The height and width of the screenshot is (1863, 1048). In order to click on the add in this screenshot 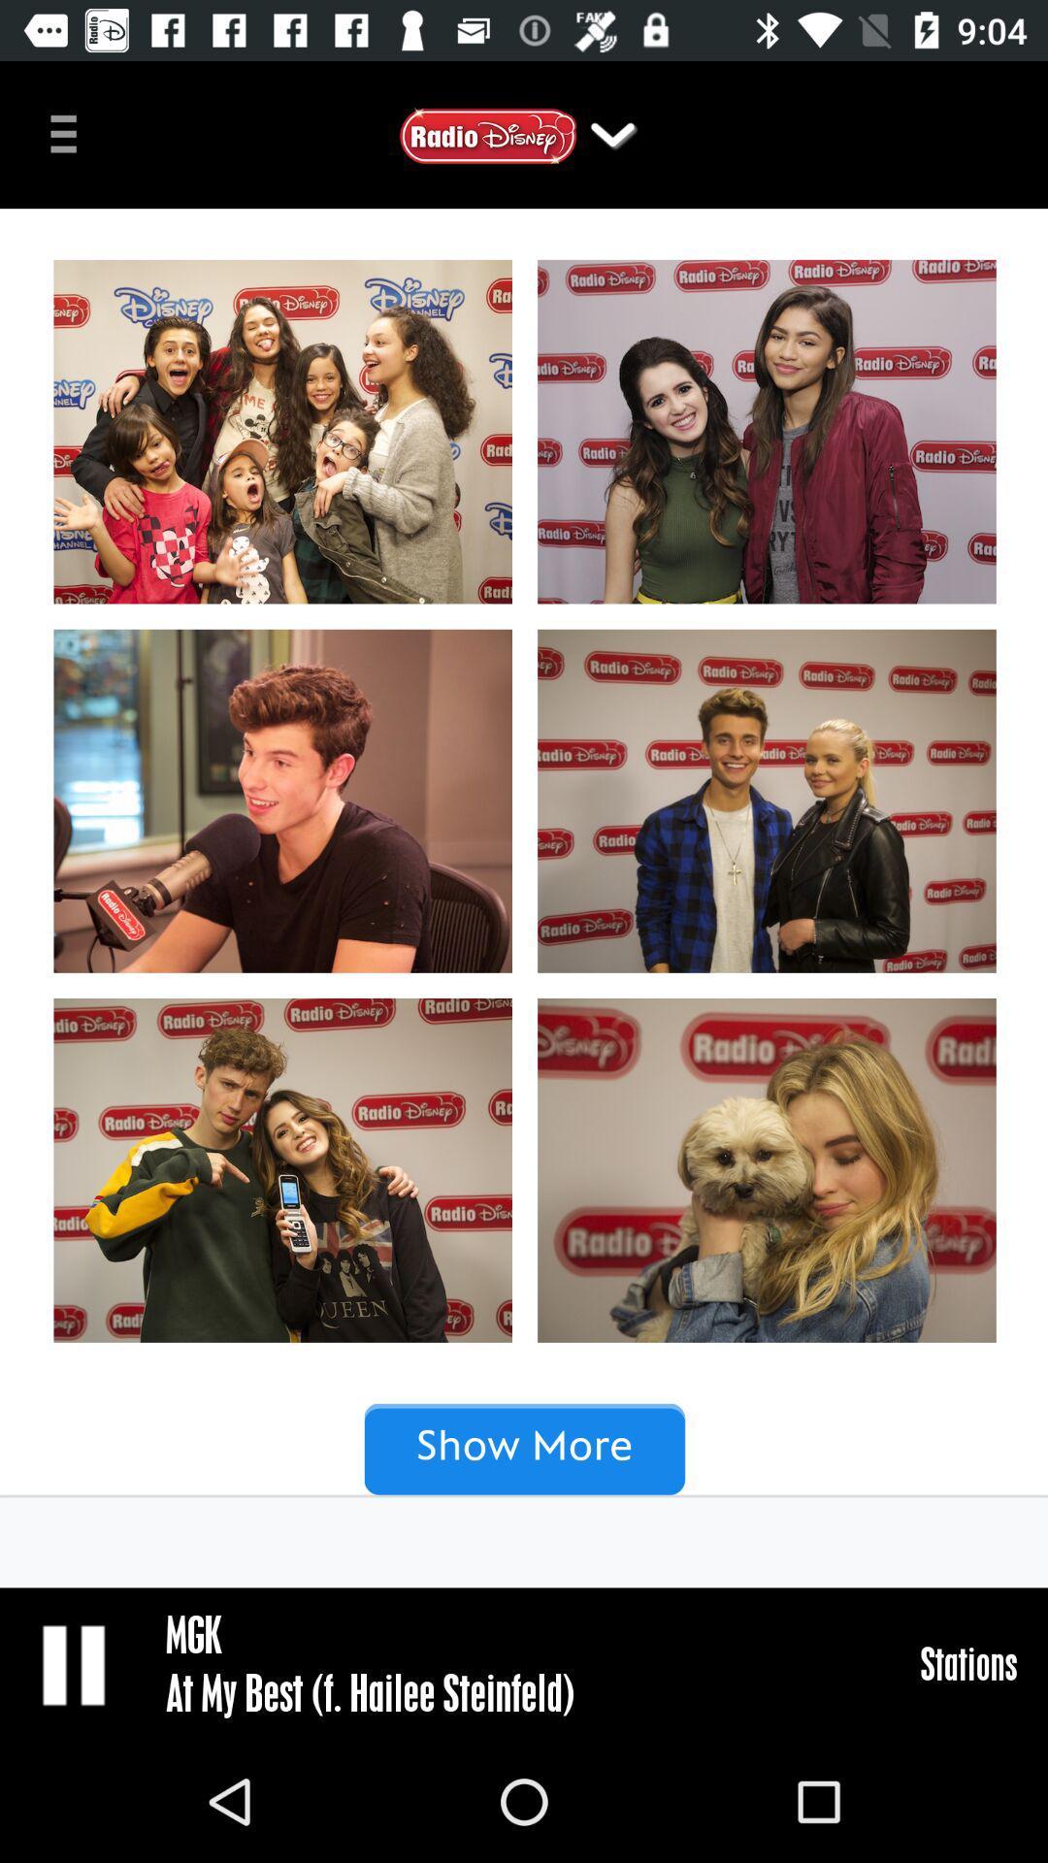, I will do `click(524, 897)`.